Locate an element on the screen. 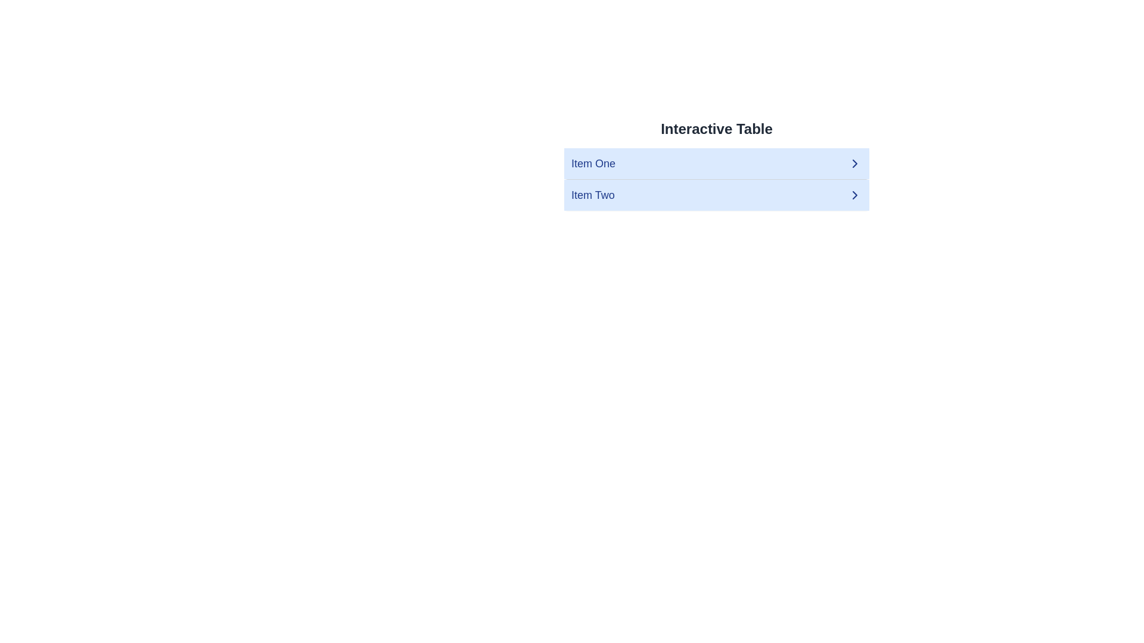 This screenshot has height=643, width=1144. the header text label located at the top of the vertically aligned layout, which identifies the related list items below it is located at coordinates (716, 129).